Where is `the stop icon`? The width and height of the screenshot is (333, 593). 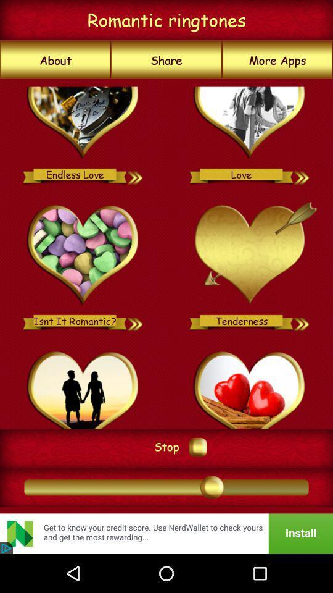
the stop icon is located at coordinates (166, 445).